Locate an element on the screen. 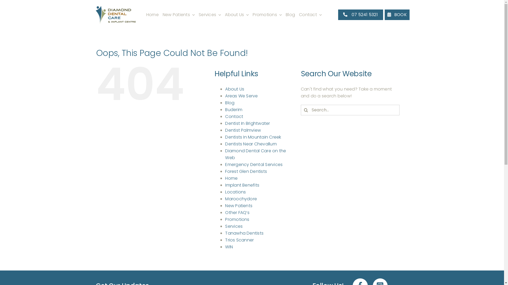 The height and width of the screenshot is (285, 508). 'BOOK' is located at coordinates (385, 14).